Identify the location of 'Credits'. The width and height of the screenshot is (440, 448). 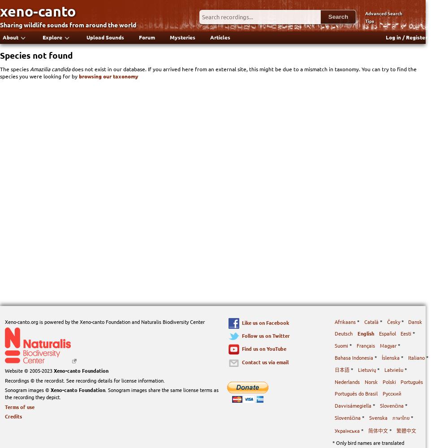
(12, 416).